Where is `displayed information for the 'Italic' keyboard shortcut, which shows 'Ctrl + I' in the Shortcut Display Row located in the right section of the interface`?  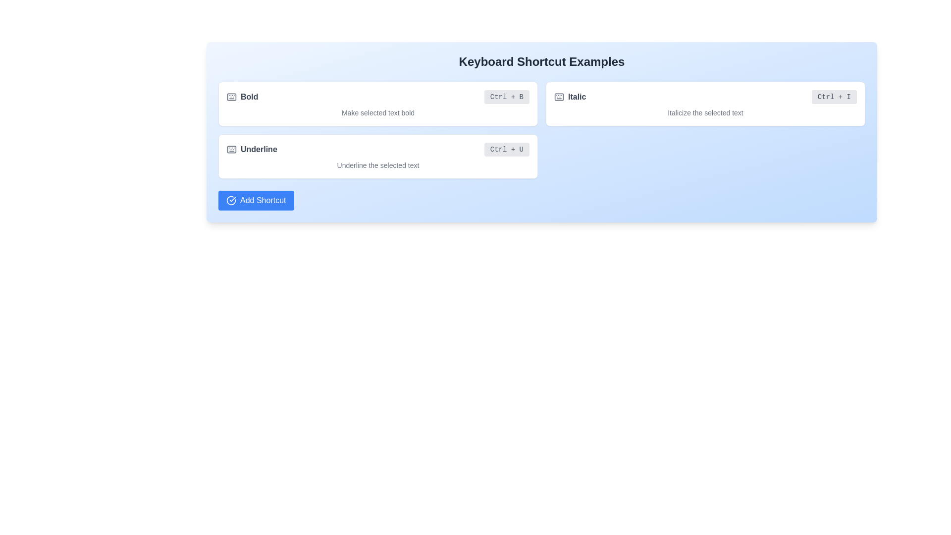 displayed information for the 'Italic' keyboard shortcut, which shows 'Ctrl + I' in the Shortcut Display Row located in the right section of the interface is located at coordinates (705, 97).